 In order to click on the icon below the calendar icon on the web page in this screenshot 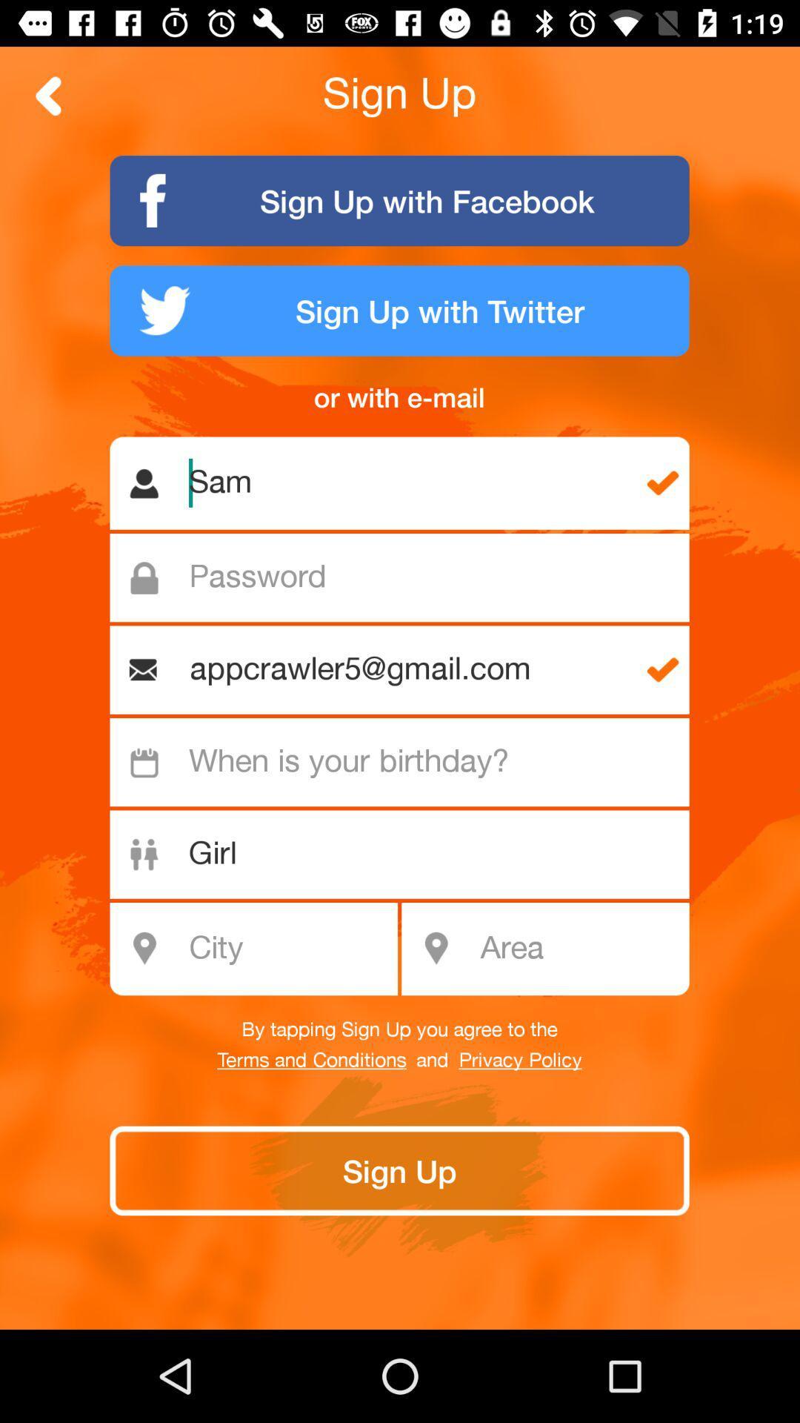, I will do `click(144, 855)`.